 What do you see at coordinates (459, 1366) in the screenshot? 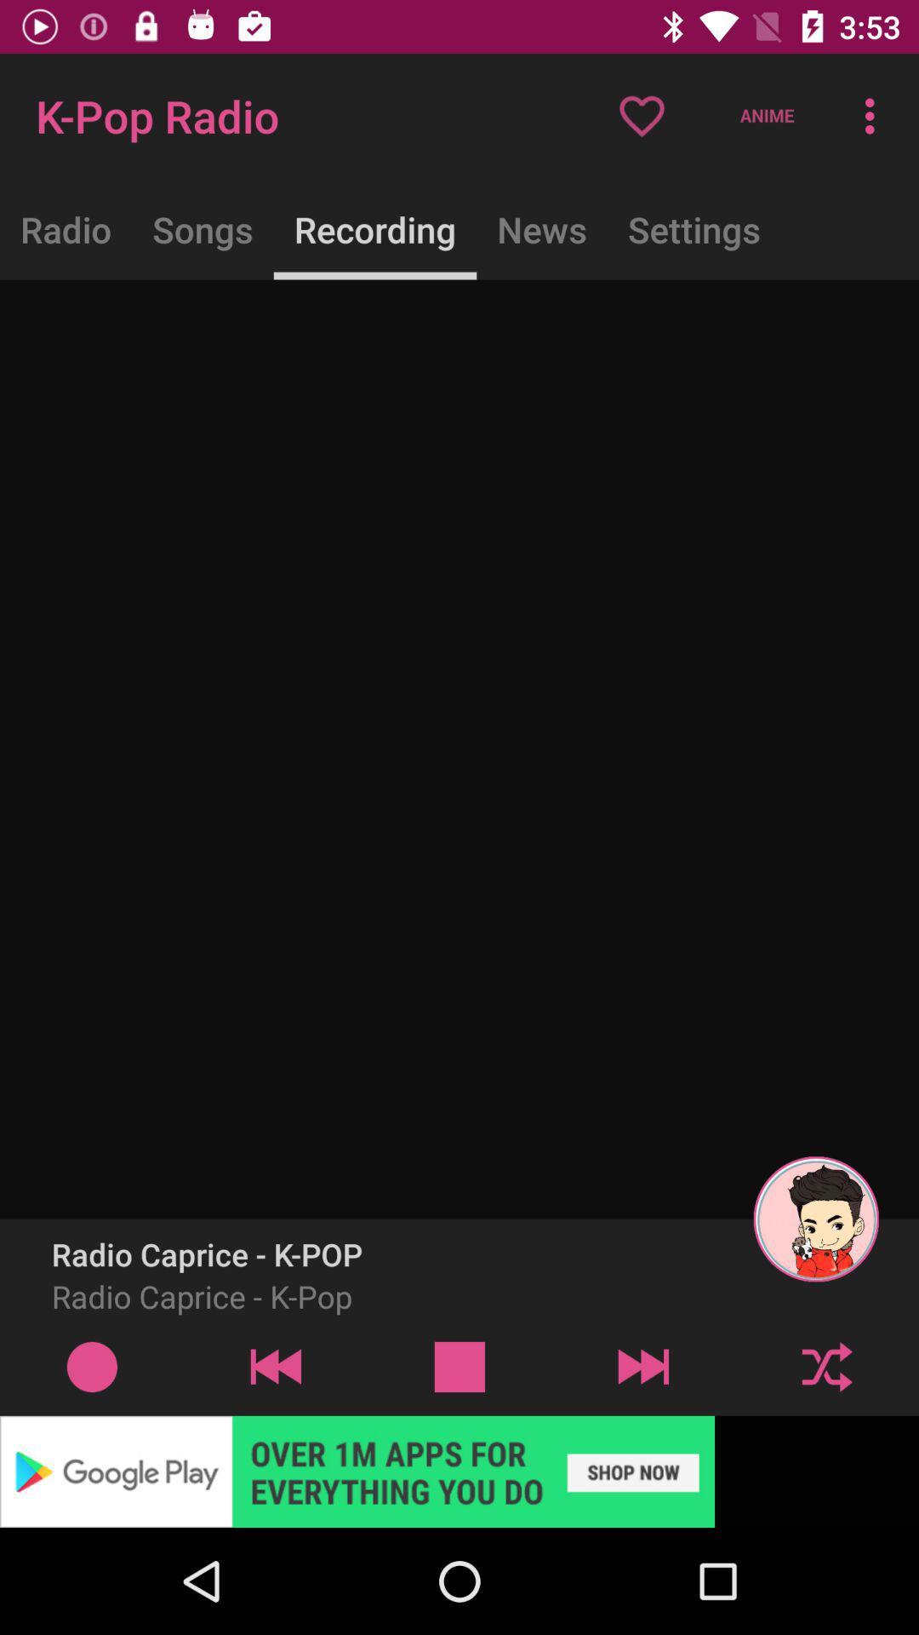
I see `stop the songs` at bounding box center [459, 1366].